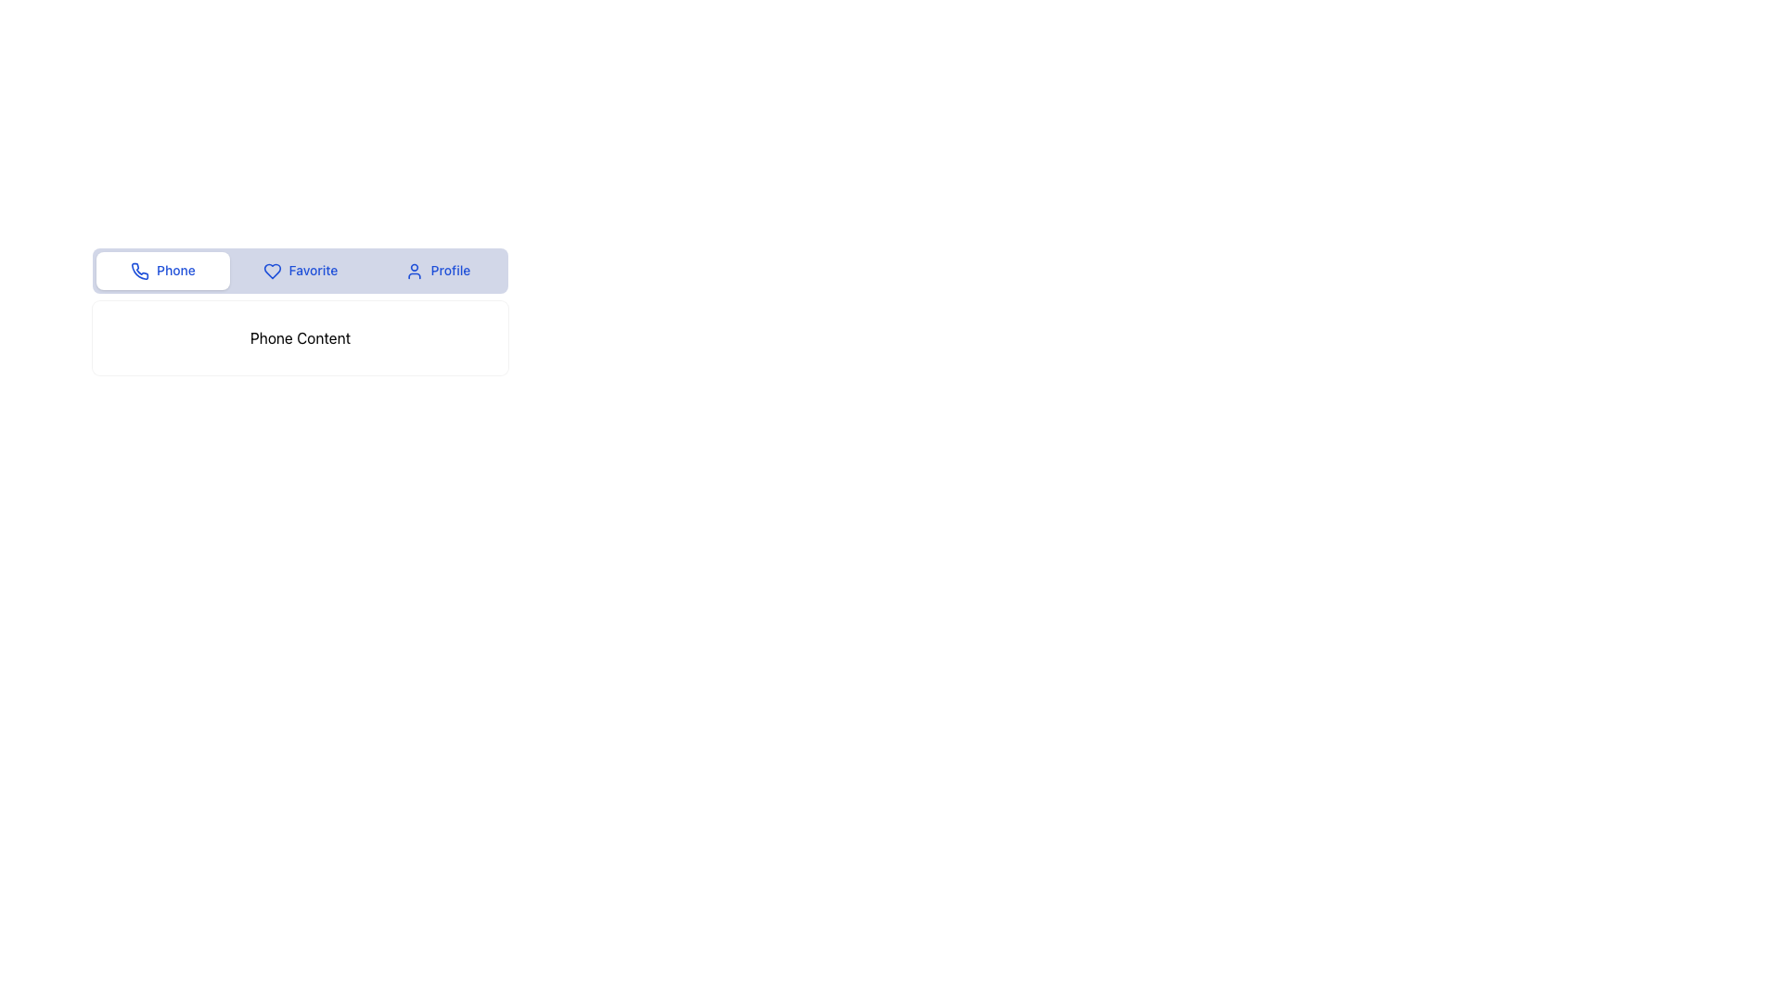  I want to click on the text element displaying 'Phone Content' in bold black font, which is centrally located on a white background below the 'Phone' tab in the navigation interface, so click(301, 338).